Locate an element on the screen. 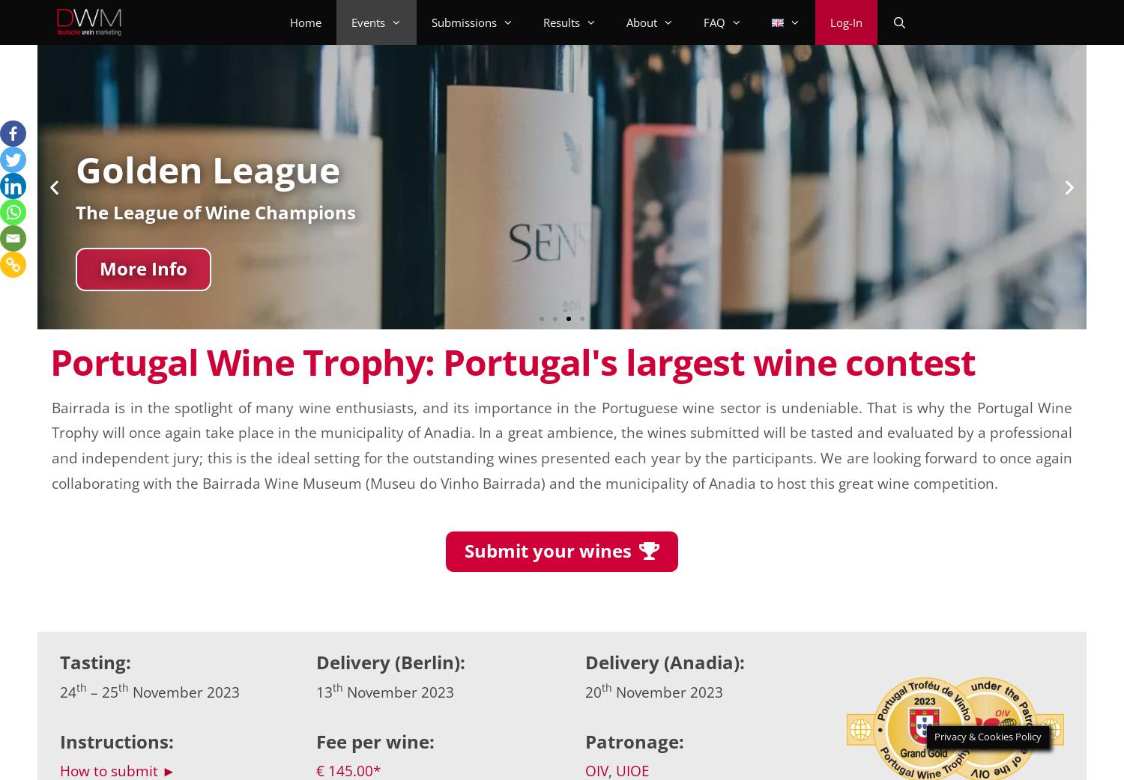 This screenshot has width=1124, height=780. 'Delivery (Anadia):' is located at coordinates (584, 661).